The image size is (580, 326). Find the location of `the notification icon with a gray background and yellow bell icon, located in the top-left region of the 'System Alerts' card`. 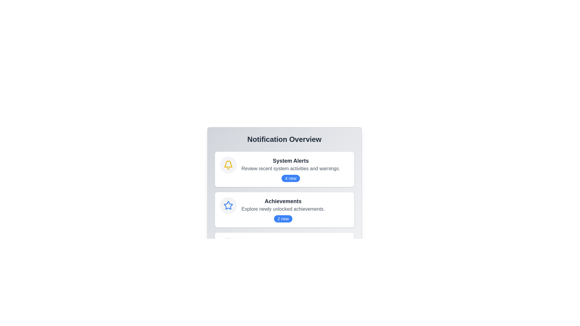

the notification icon with a gray background and yellow bell icon, located in the top-left region of the 'System Alerts' card is located at coordinates (228, 165).